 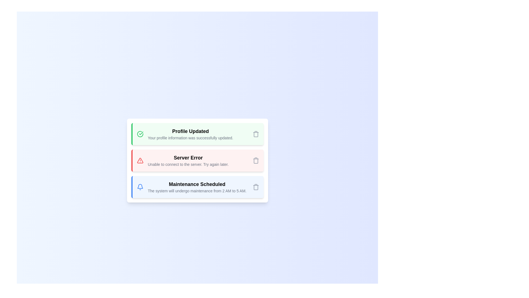 What do you see at coordinates (197, 134) in the screenshot?
I see `the alert with type success` at bounding box center [197, 134].